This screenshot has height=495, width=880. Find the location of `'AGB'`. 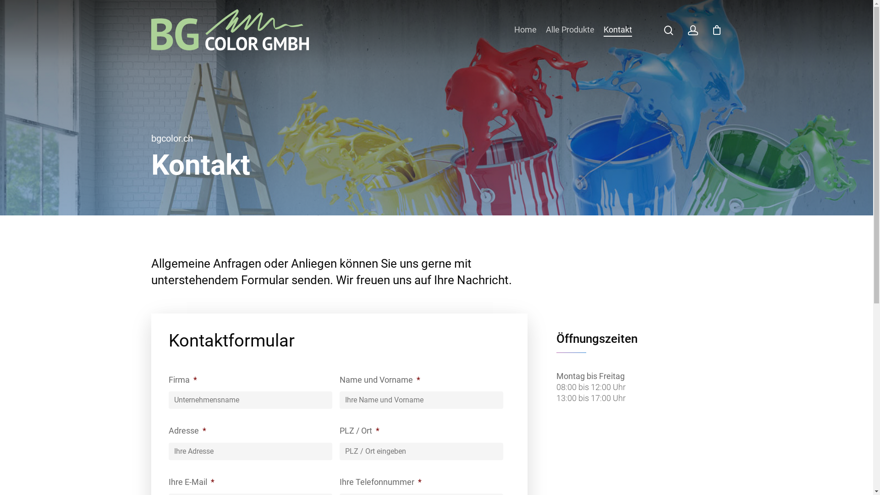

'AGB' is located at coordinates (630, 394).